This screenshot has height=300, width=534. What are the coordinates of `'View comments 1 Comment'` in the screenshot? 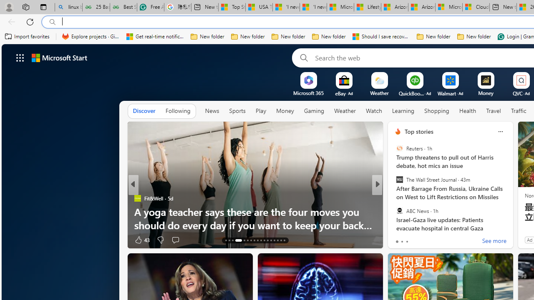 It's located at (432, 240).